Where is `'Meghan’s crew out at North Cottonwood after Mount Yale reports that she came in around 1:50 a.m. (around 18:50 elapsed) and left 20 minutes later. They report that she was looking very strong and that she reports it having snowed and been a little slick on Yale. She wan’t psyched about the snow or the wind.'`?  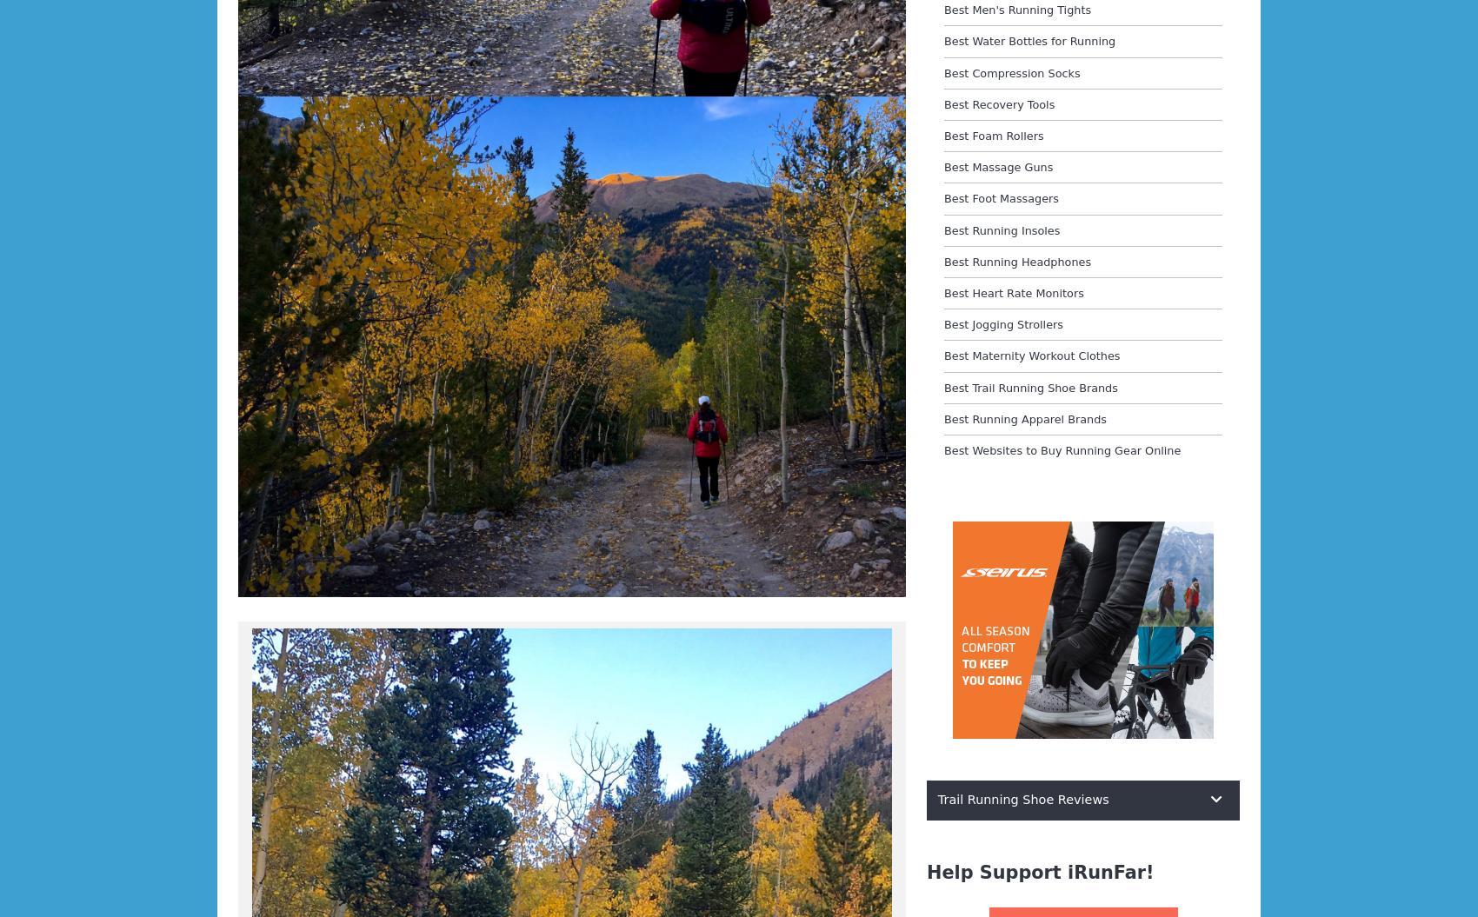 'Meghan’s crew out at North Cottonwood after Mount Yale reports that she came in around 1:50 a.m. (around 18:50 elapsed) and left 20 minutes later. They report that she was looking very strong and that she reports it having snowed and been a little slick on Yale. She wan’t psyched about the snow or the wind.' is located at coordinates (569, 810).